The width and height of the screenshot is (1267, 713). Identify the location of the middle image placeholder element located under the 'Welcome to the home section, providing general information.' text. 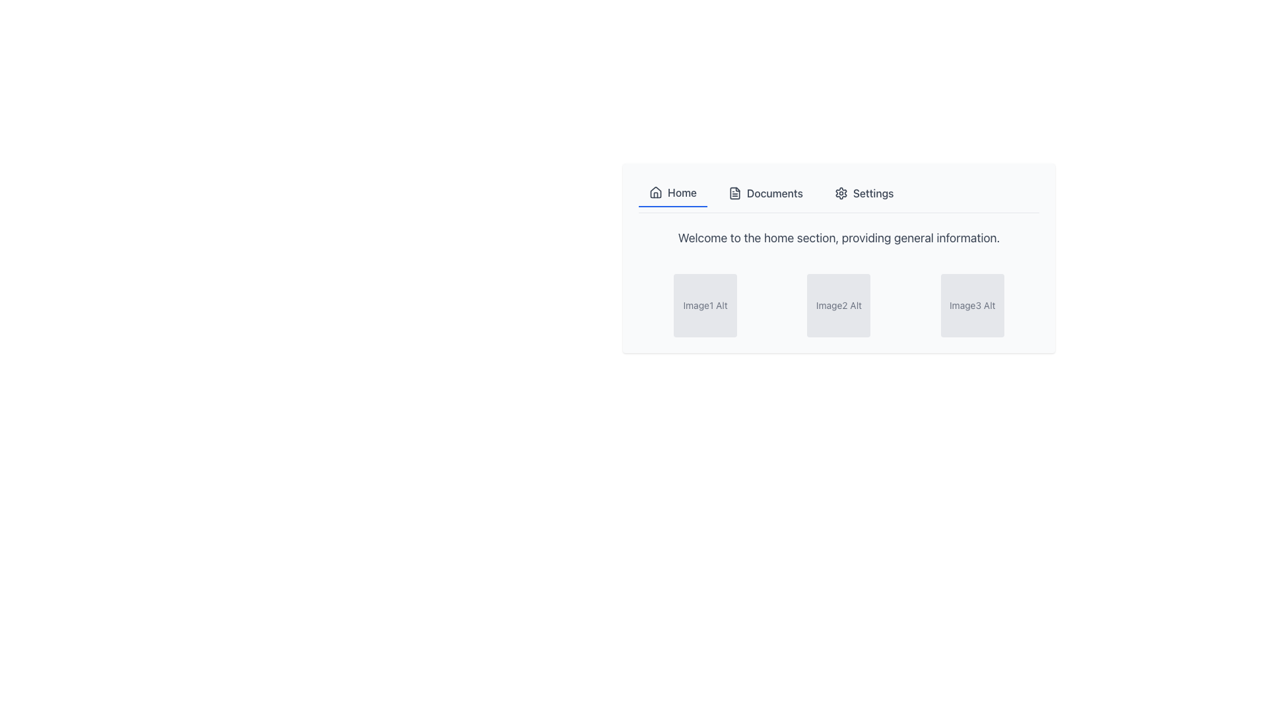
(838, 305).